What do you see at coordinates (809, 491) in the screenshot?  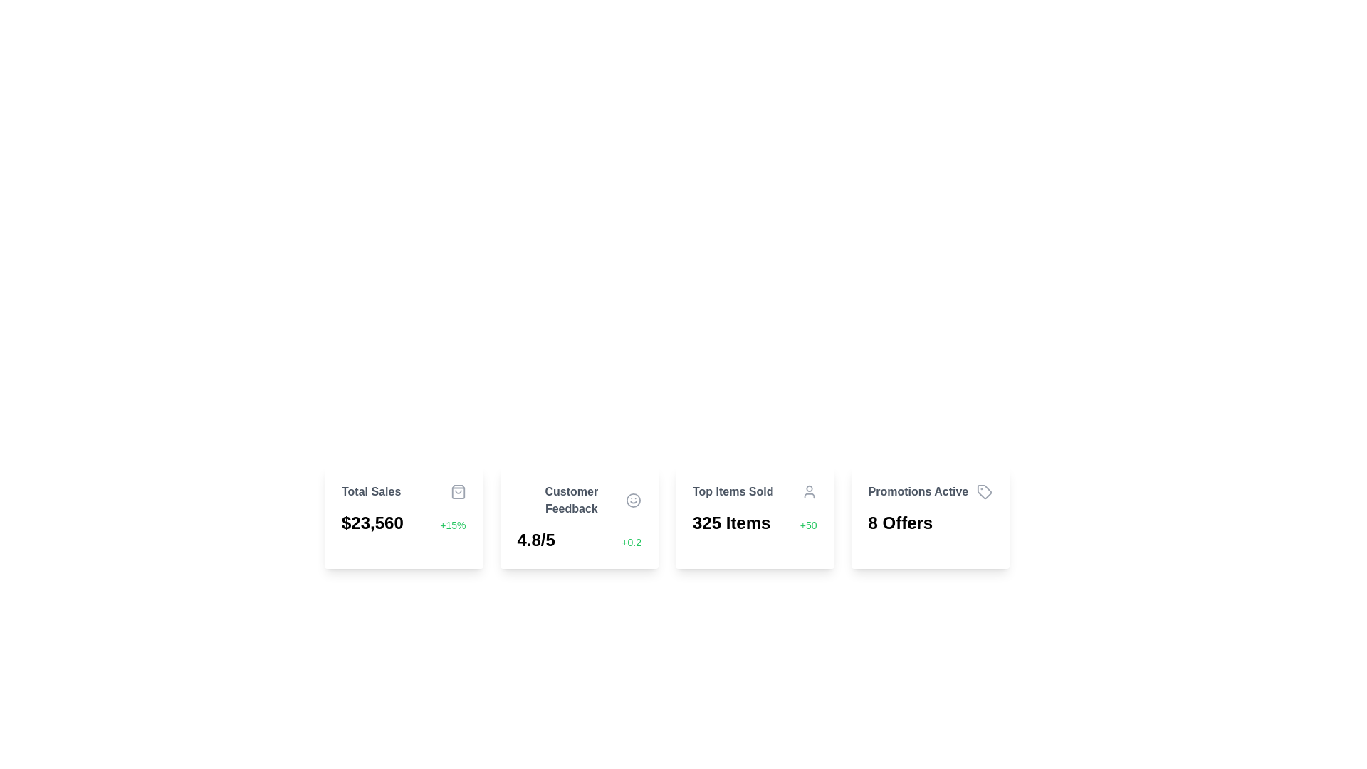 I see `the user profile icon, which is a minimalistic outline design located to the right side of the section header 'Top Items Sold'` at bounding box center [809, 491].